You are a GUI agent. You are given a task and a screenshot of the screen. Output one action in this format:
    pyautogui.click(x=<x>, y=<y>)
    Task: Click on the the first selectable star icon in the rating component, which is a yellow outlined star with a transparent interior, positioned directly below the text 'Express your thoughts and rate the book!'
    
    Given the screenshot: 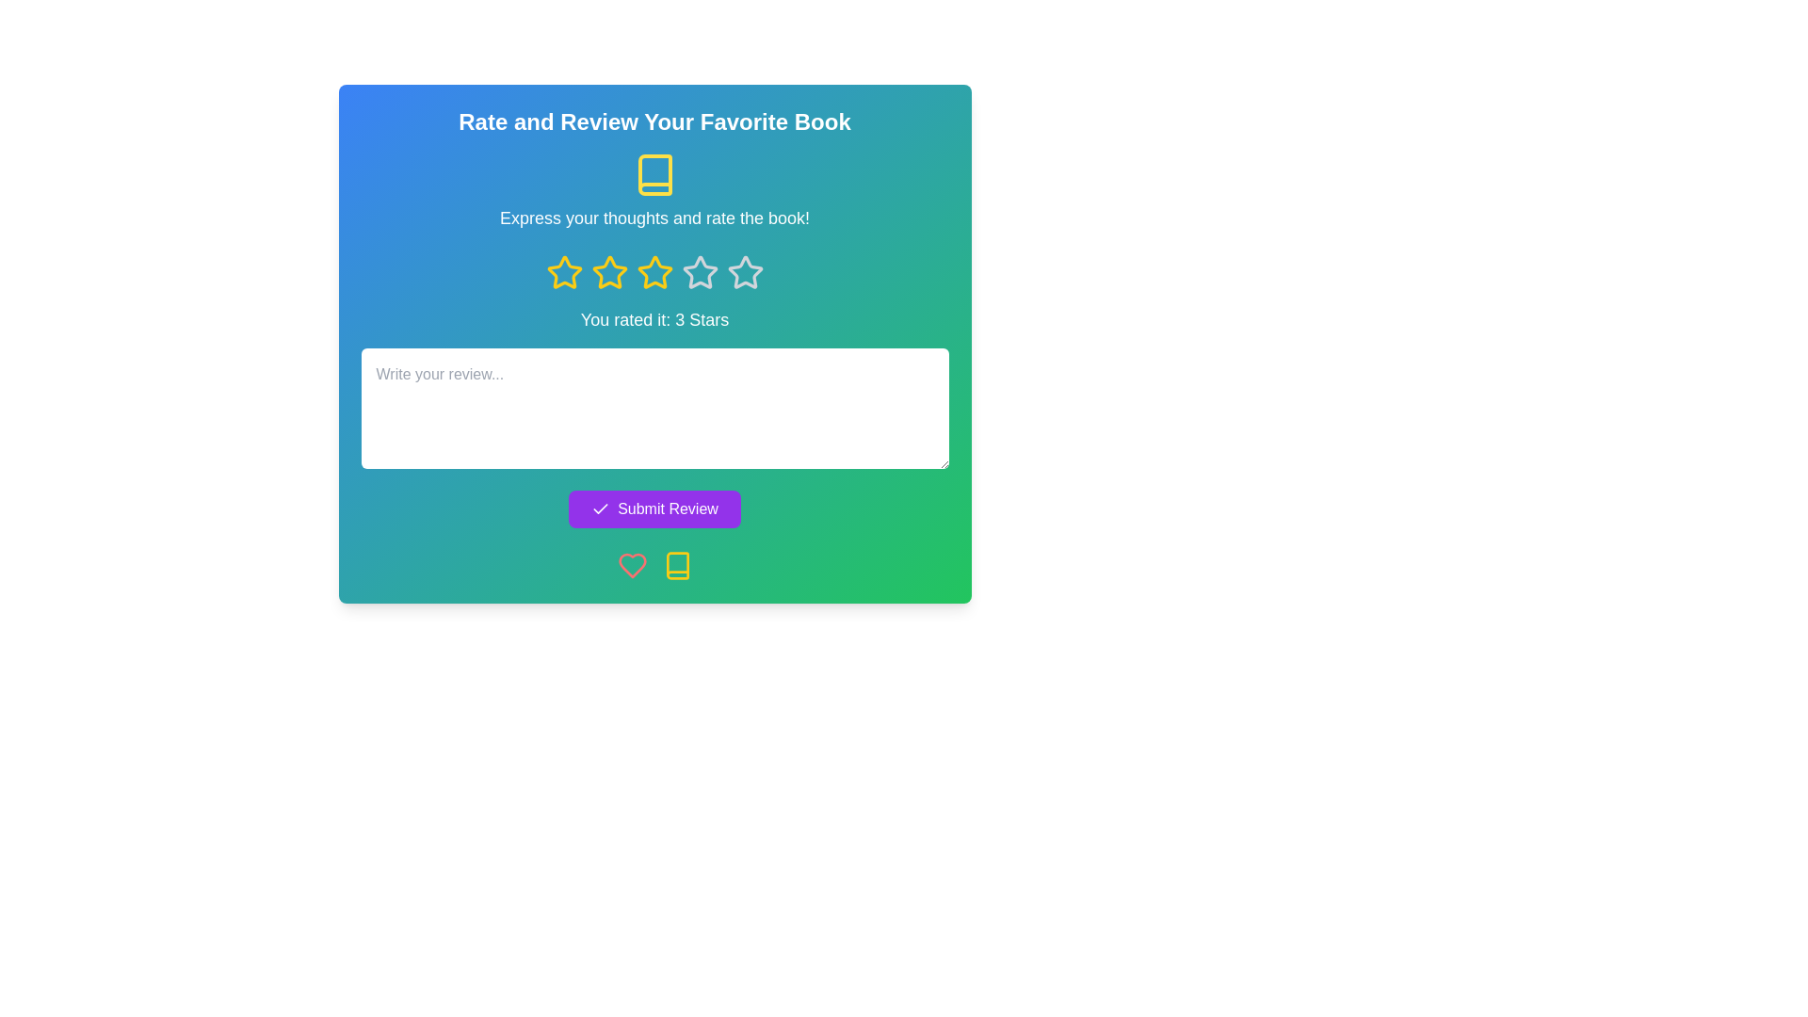 What is the action you would take?
    pyautogui.click(x=563, y=272)
    